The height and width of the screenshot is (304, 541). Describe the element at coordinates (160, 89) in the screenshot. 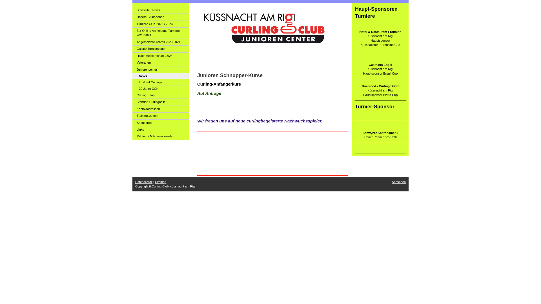

I see `'20 Jahre CCK'` at that location.